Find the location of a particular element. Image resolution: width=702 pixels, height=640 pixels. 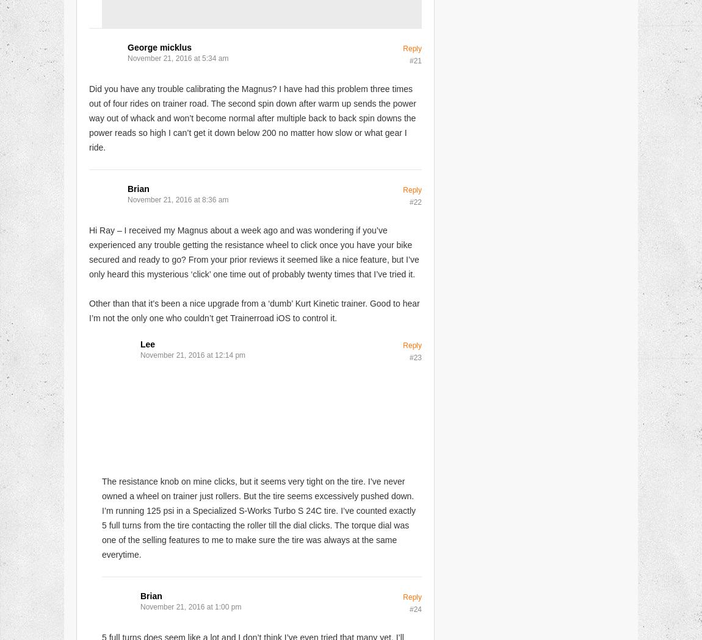

'November 21, 2016 at 1:00 pm' is located at coordinates (190, 606).